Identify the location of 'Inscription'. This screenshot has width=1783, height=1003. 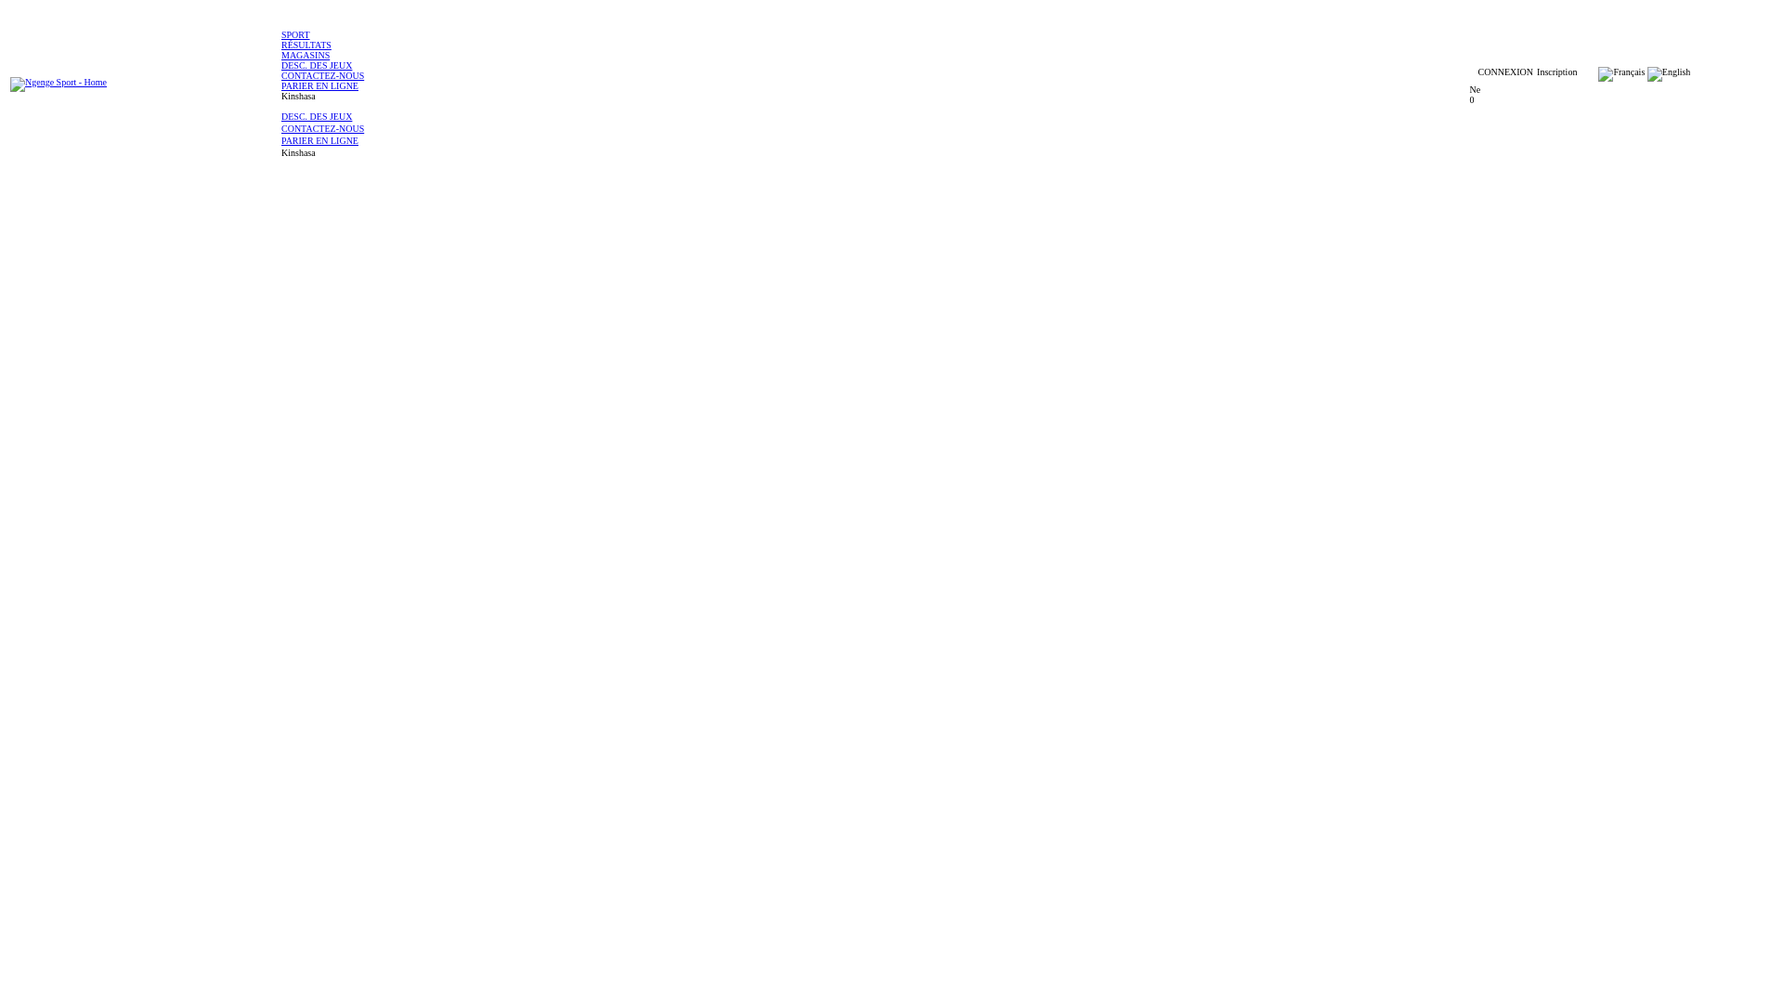
(1556, 71).